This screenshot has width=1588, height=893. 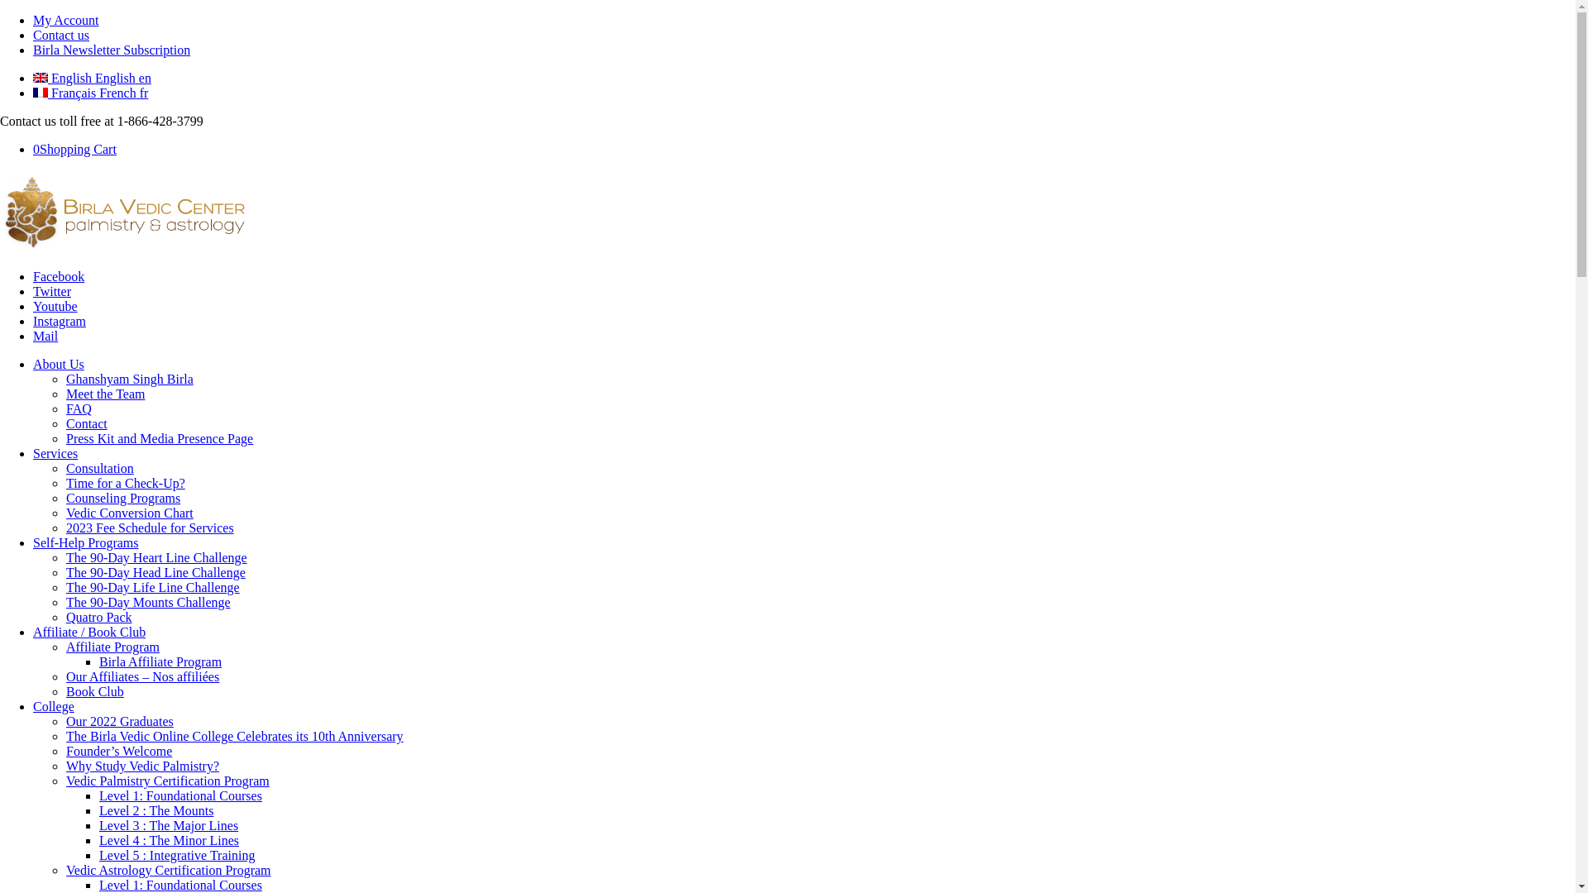 I want to click on 'English English en', so click(x=91, y=78).